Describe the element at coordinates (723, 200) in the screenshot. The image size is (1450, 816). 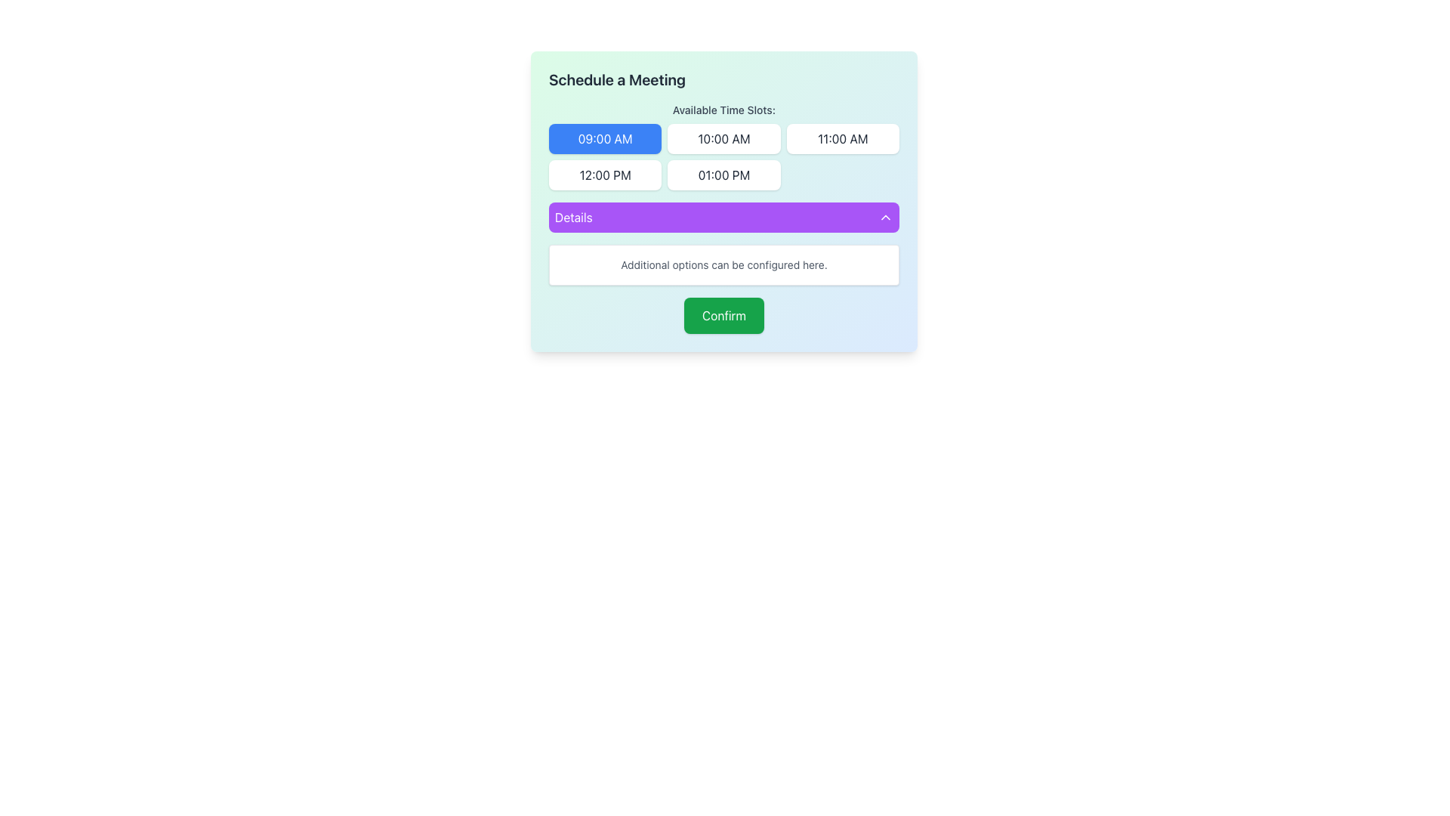
I see `the vibrant purple button labeled 'Details'` at that location.